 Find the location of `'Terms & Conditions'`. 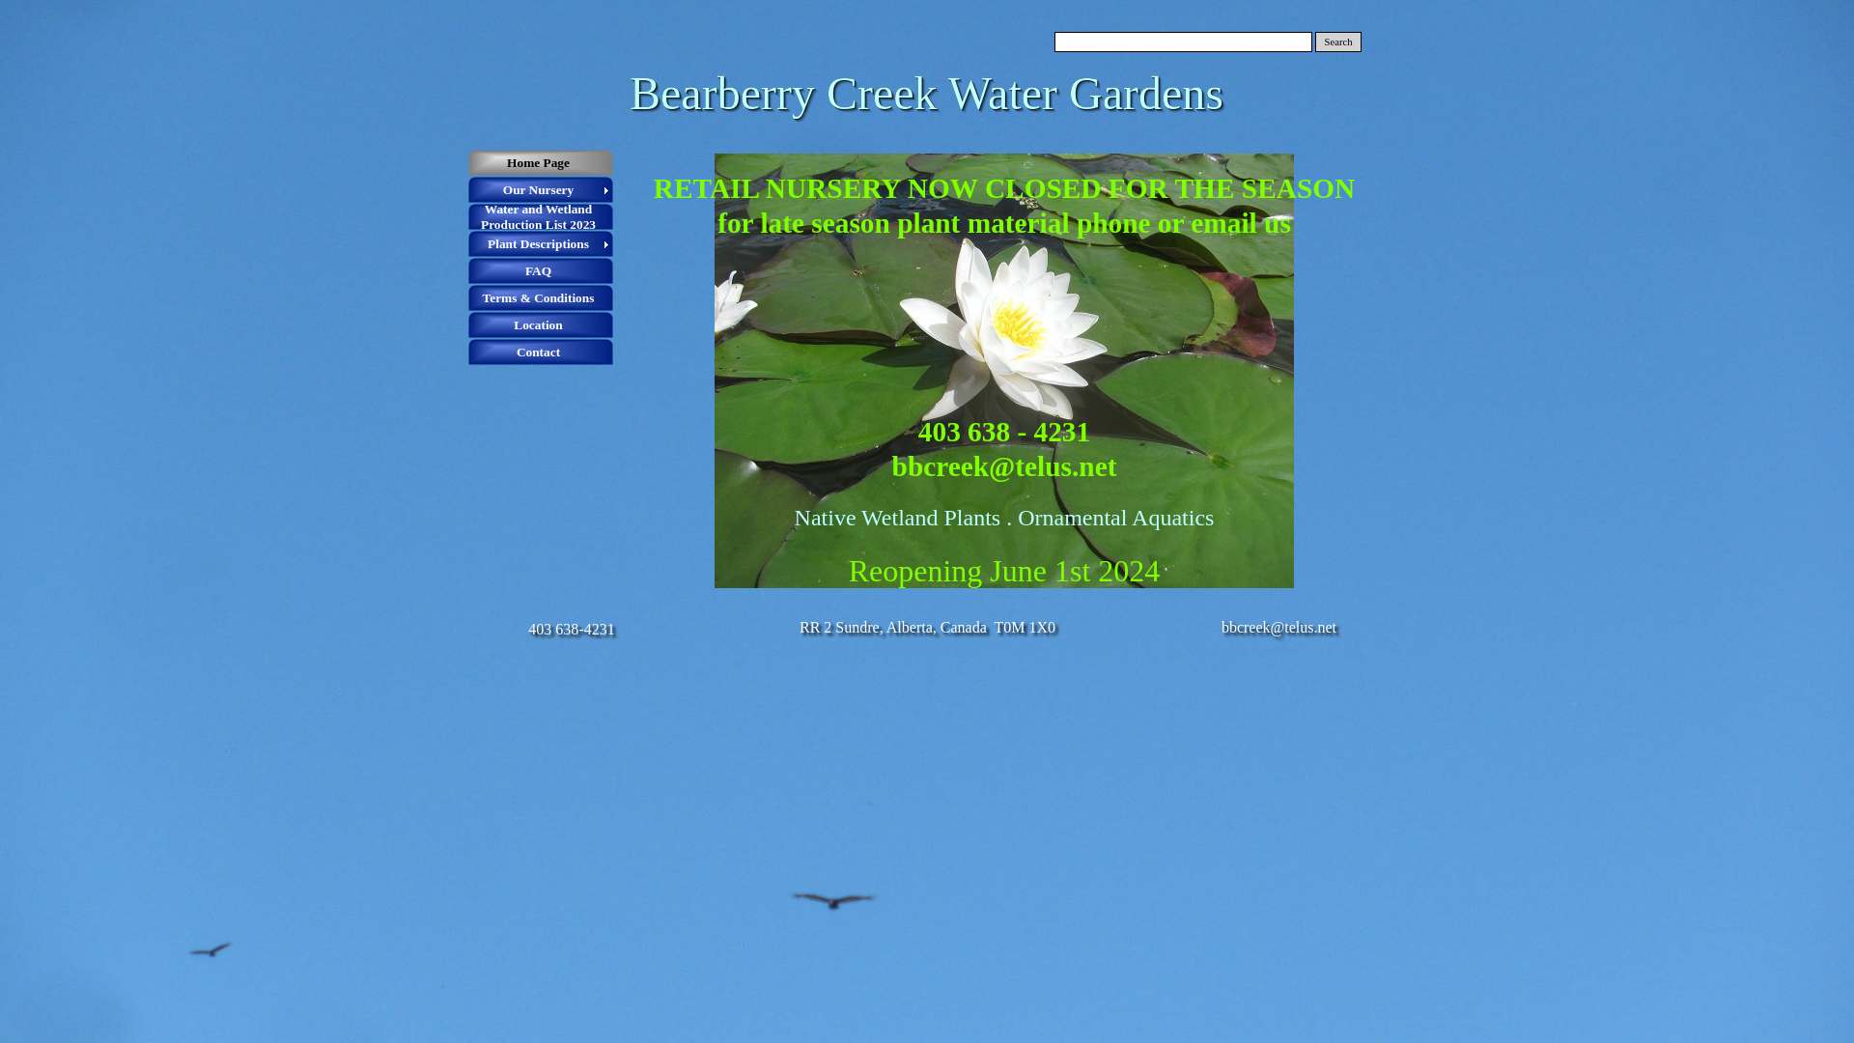

'Terms & Conditions' is located at coordinates (541, 297).